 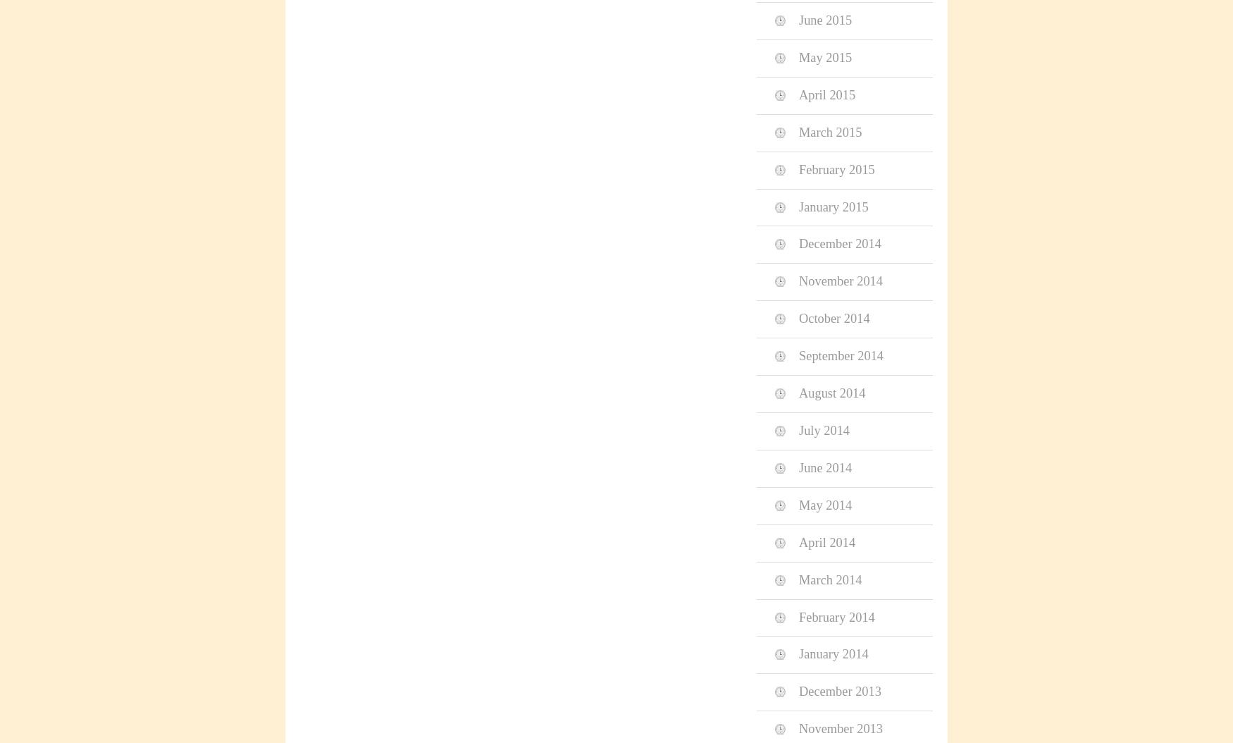 I want to click on 'June 2015', so click(x=824, y=20).